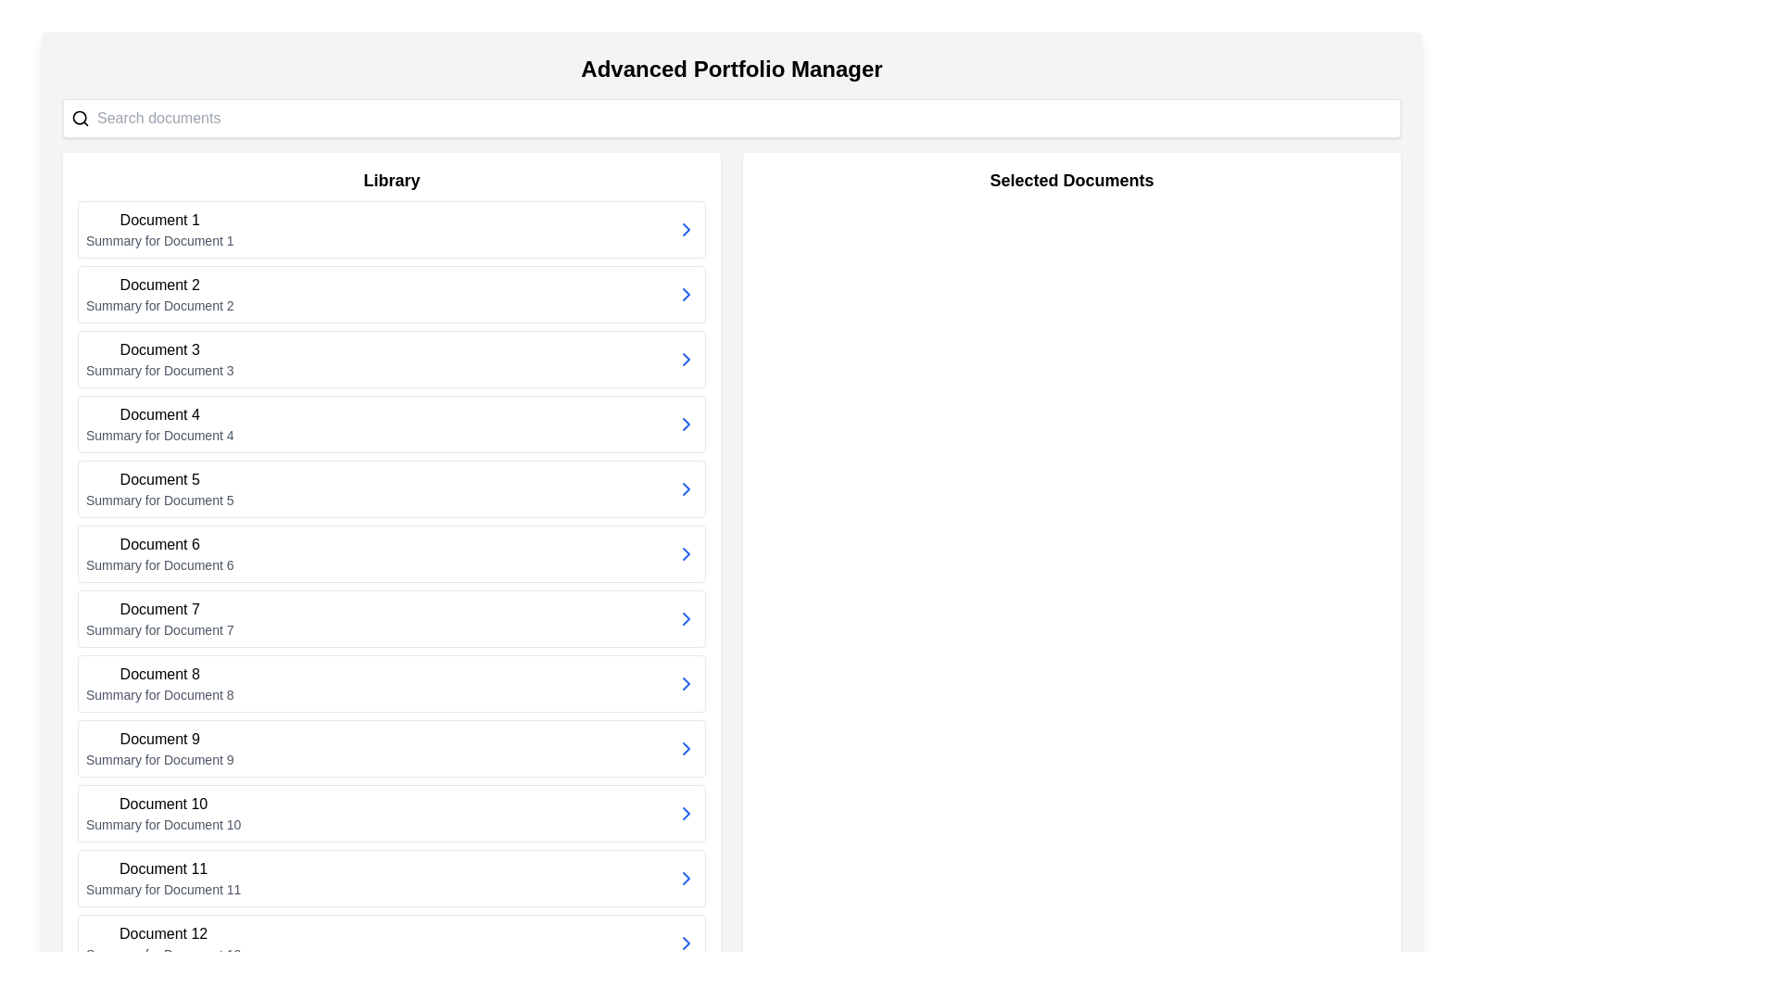 This screenshot has width=1779, height=1001. Describe the element at coordinates (390, 944) in the screenshot. I see `on the selectable list item labeled 'Document 12'` at that location.